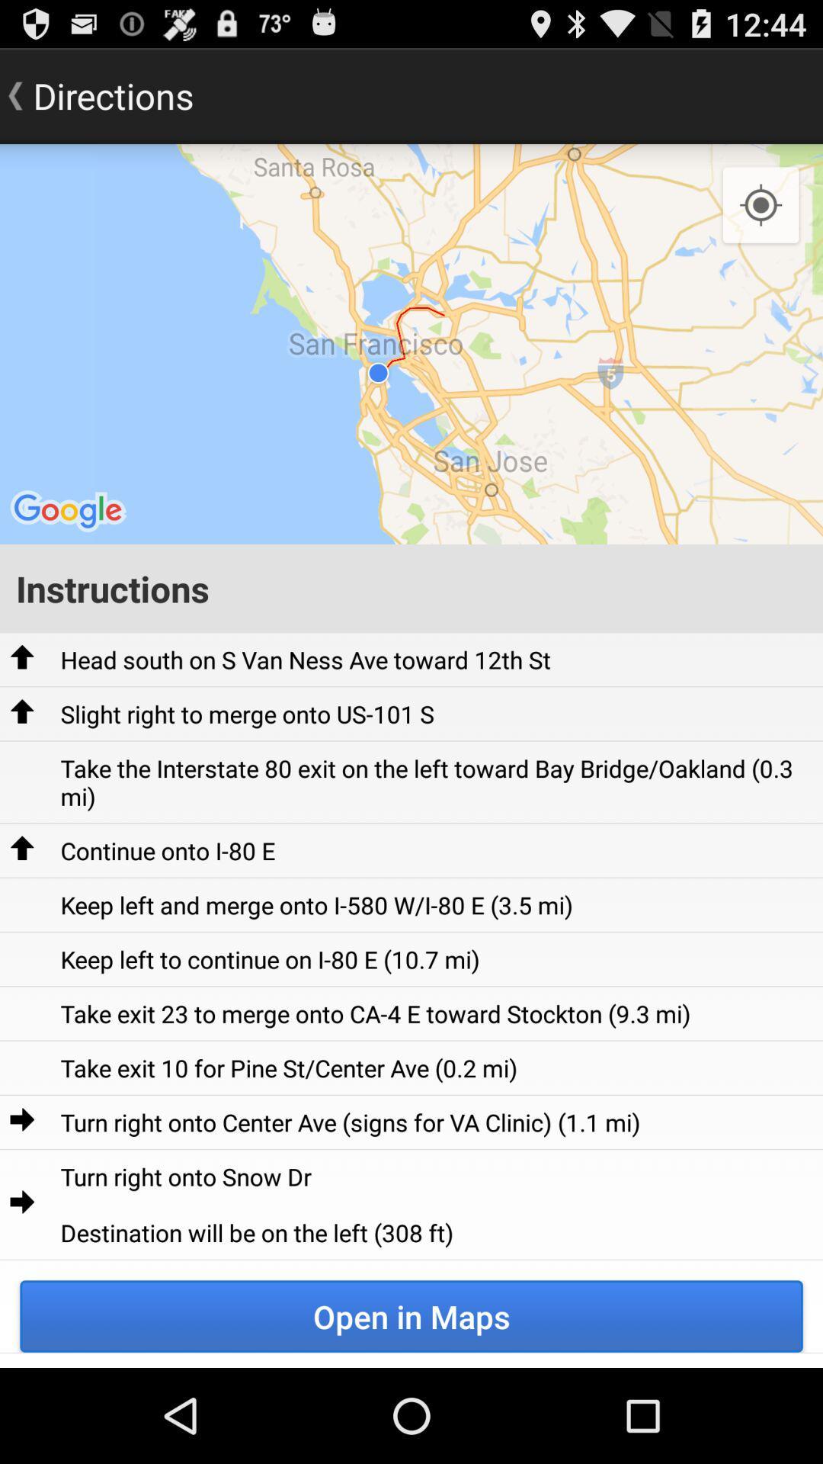 The width and height of the screenshot is (823, 1464). What do you see at coordinates (437, 782) in the screenshot?
I see `take the interstate item` at bounding box center [437, 782].